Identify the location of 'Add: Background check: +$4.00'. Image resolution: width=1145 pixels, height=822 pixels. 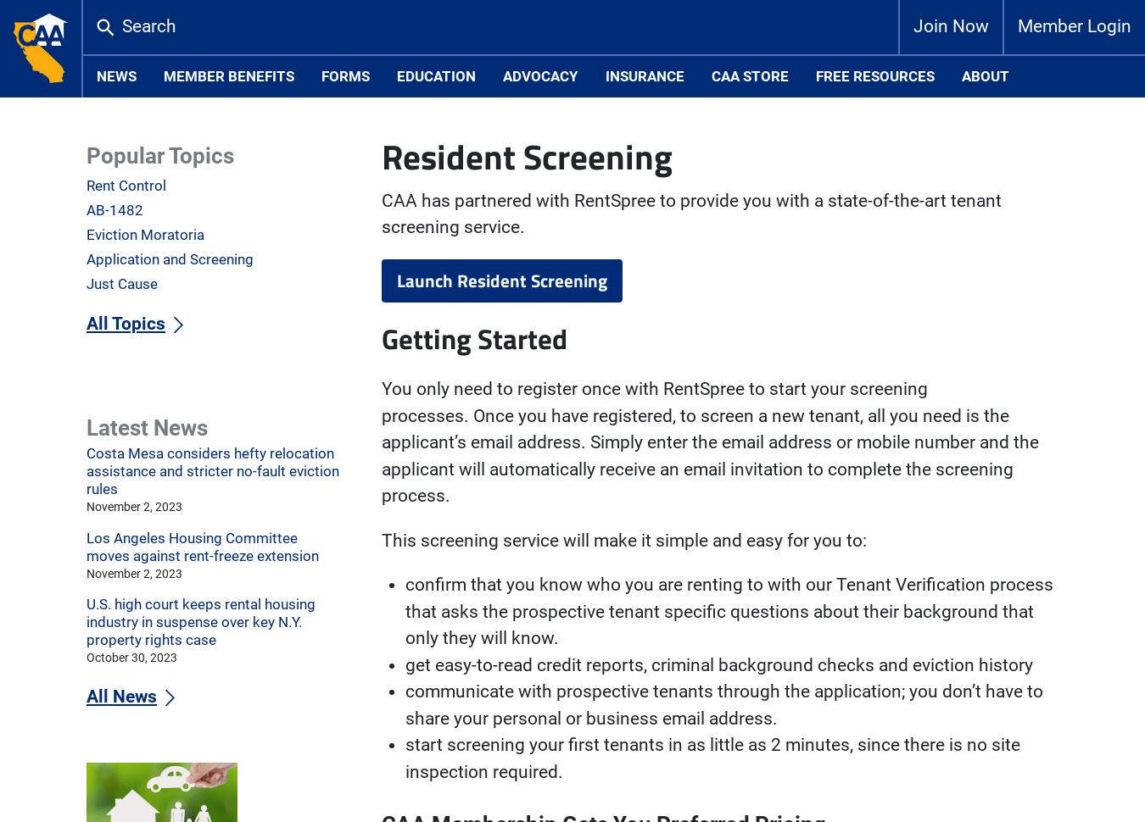
(508, 158).